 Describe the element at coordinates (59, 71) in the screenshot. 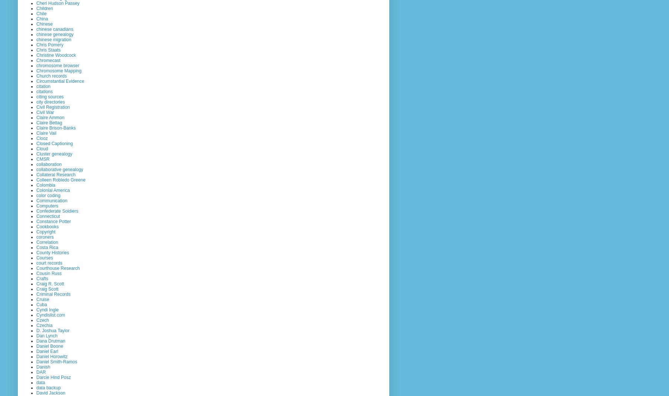

I see `'Chromosome Mapping'` at that location.